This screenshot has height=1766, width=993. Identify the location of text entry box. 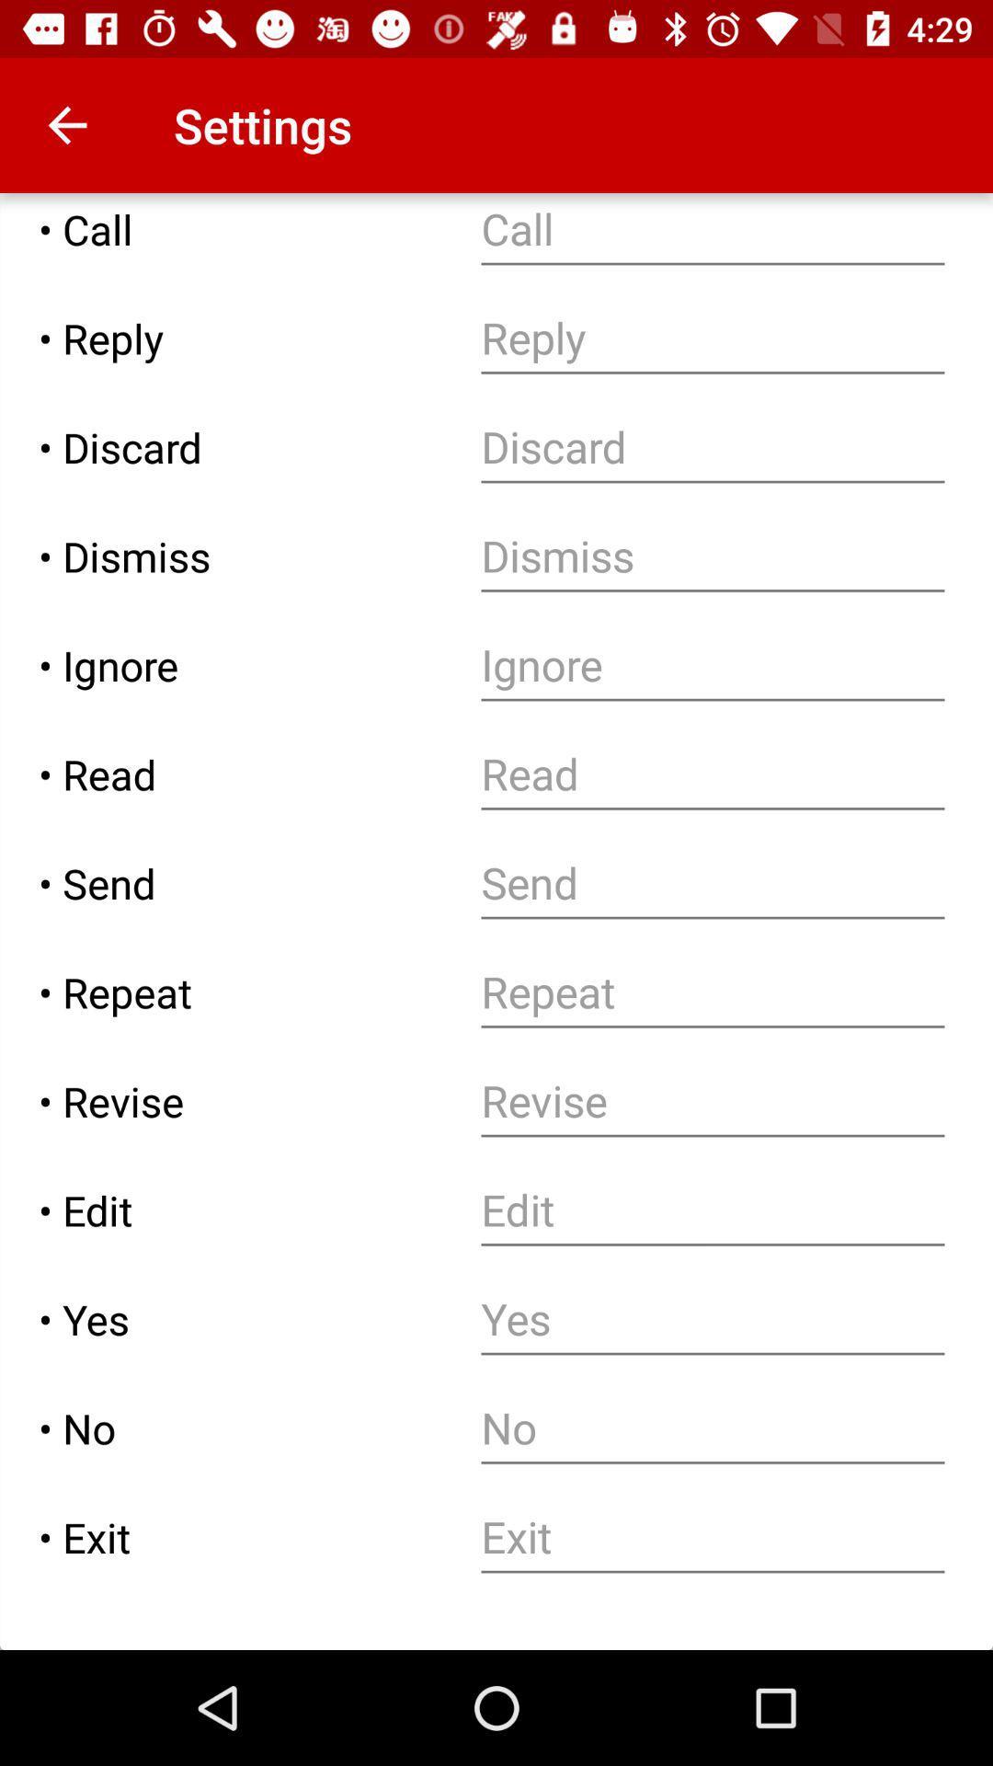
(712, 1101).